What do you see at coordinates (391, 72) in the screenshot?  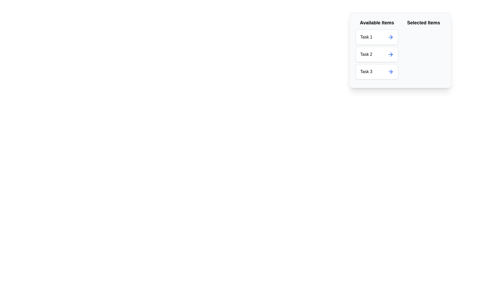 I see `the blue arrow icon button located at the far right side of the 'Task 3' row in the 'Available Items' section` at bounding box center [391, 72].